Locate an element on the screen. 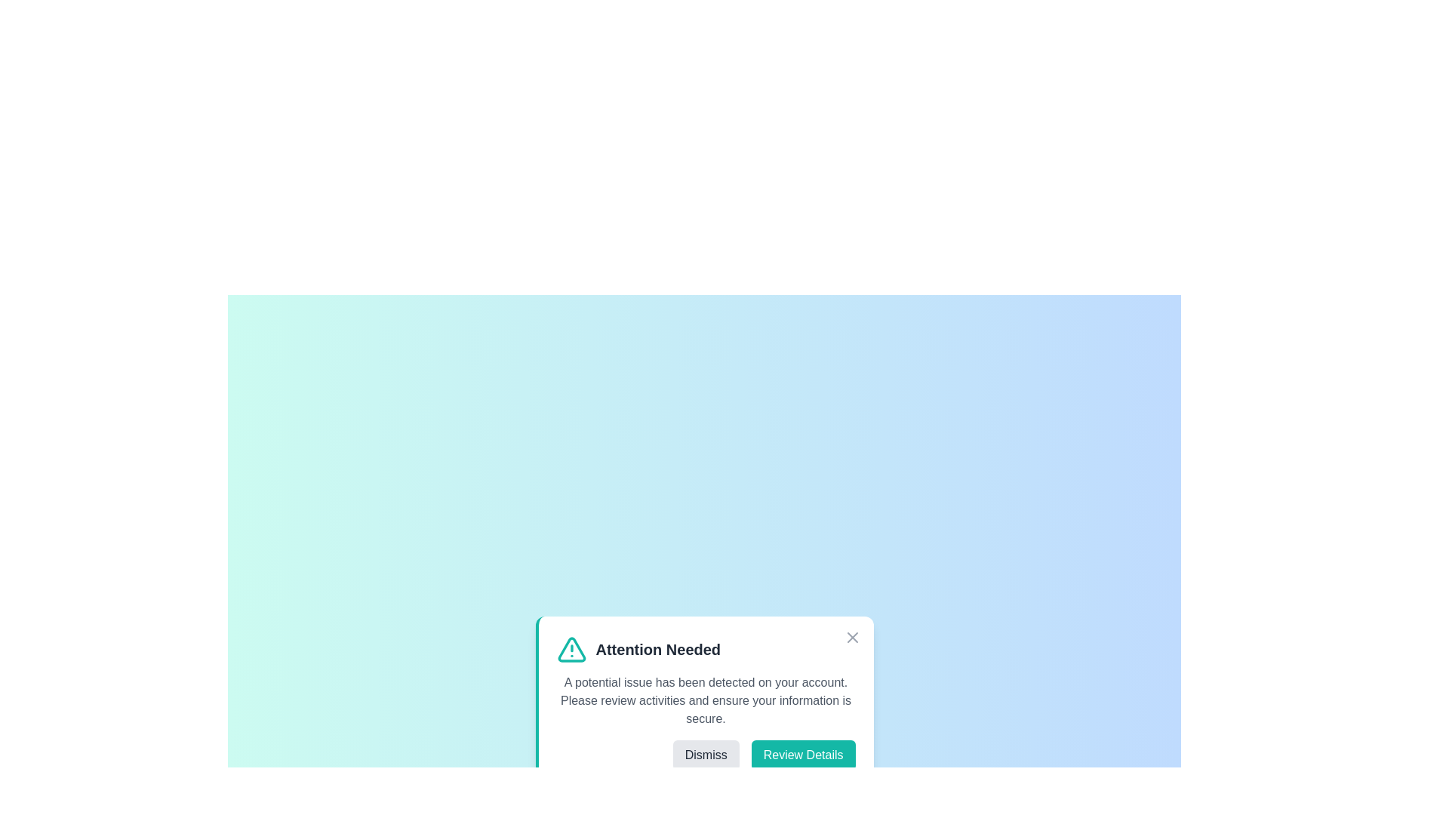 The image size is (1449, 815). close button to dismiss the alert is located at coordinates (852, 637).